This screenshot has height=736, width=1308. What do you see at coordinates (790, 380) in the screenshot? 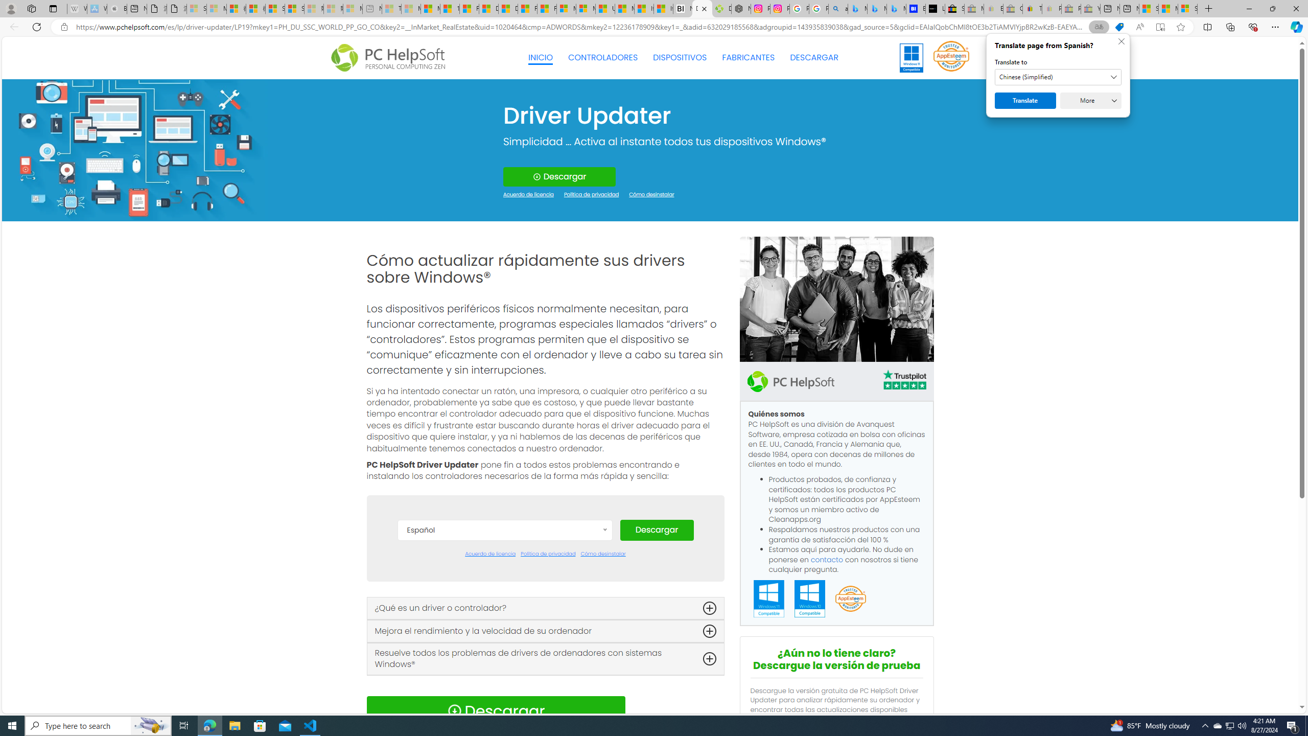
I see `'PCHelpsoft'` at bounding box center [790, 380].